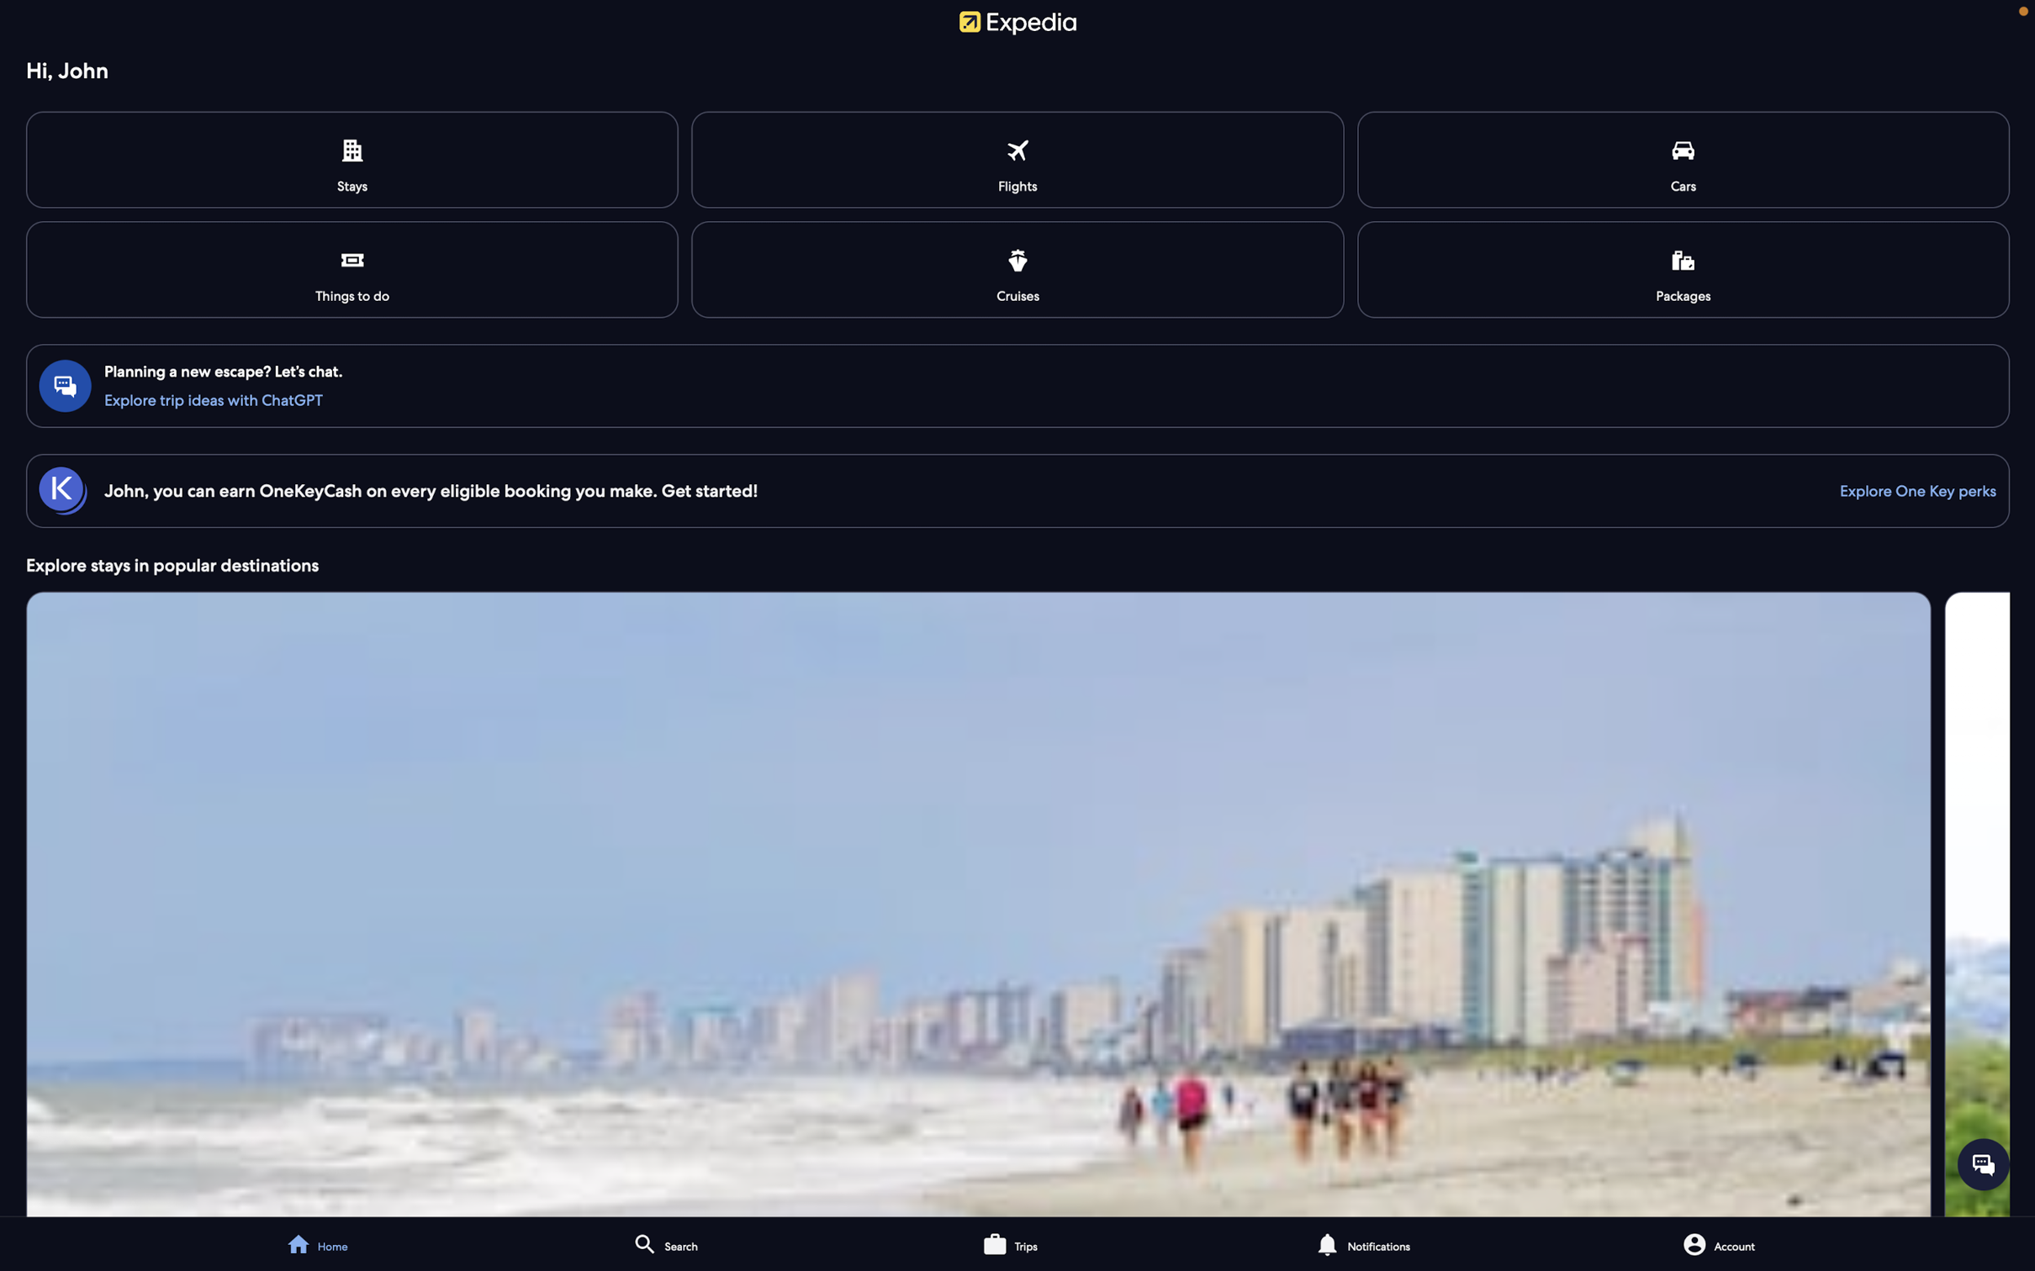 This screenshot has width=2035, height=1271. I want to click on the explore stays feature, so click(1017, 901).